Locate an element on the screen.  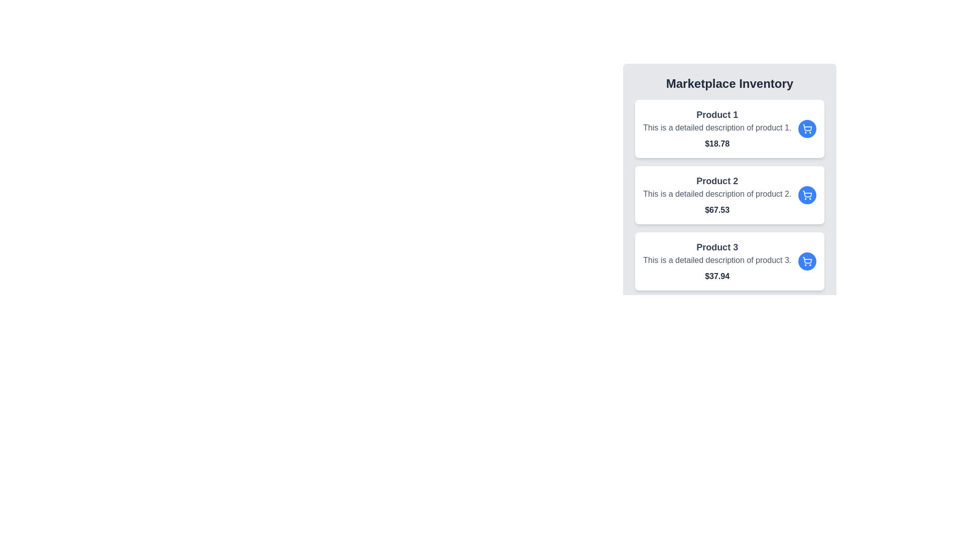
the static text label displaying the bold text 'Product 1' which is positioned at the top of the card, above the product description and price information is located at coordinates (716, 114).